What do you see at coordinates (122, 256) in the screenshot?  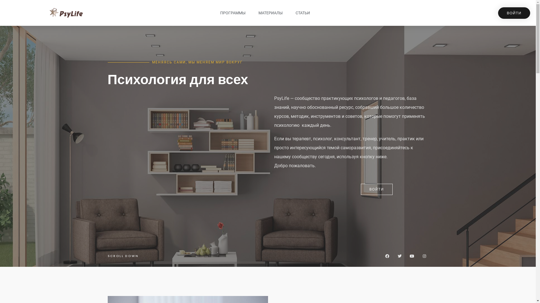 I see `'SCROLL DOWN'` at bounding box center [122, 256].